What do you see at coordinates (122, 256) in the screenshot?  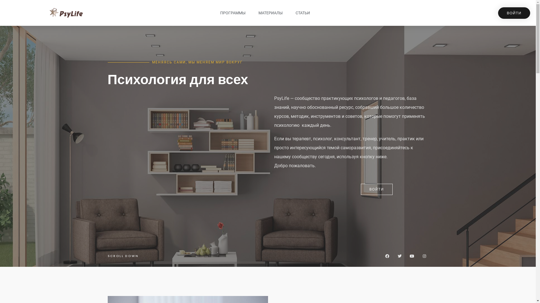 I see `'SCROLL DOWN'` at bounding box center [122, 256].